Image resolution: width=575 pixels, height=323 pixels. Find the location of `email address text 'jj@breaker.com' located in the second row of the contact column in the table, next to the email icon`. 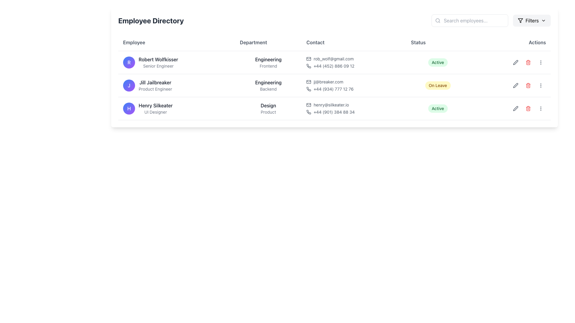

email address text 'jj@breaker.com' located in the second row of the contact column in the table, next to the email icon is located at coordinates (328, 82).